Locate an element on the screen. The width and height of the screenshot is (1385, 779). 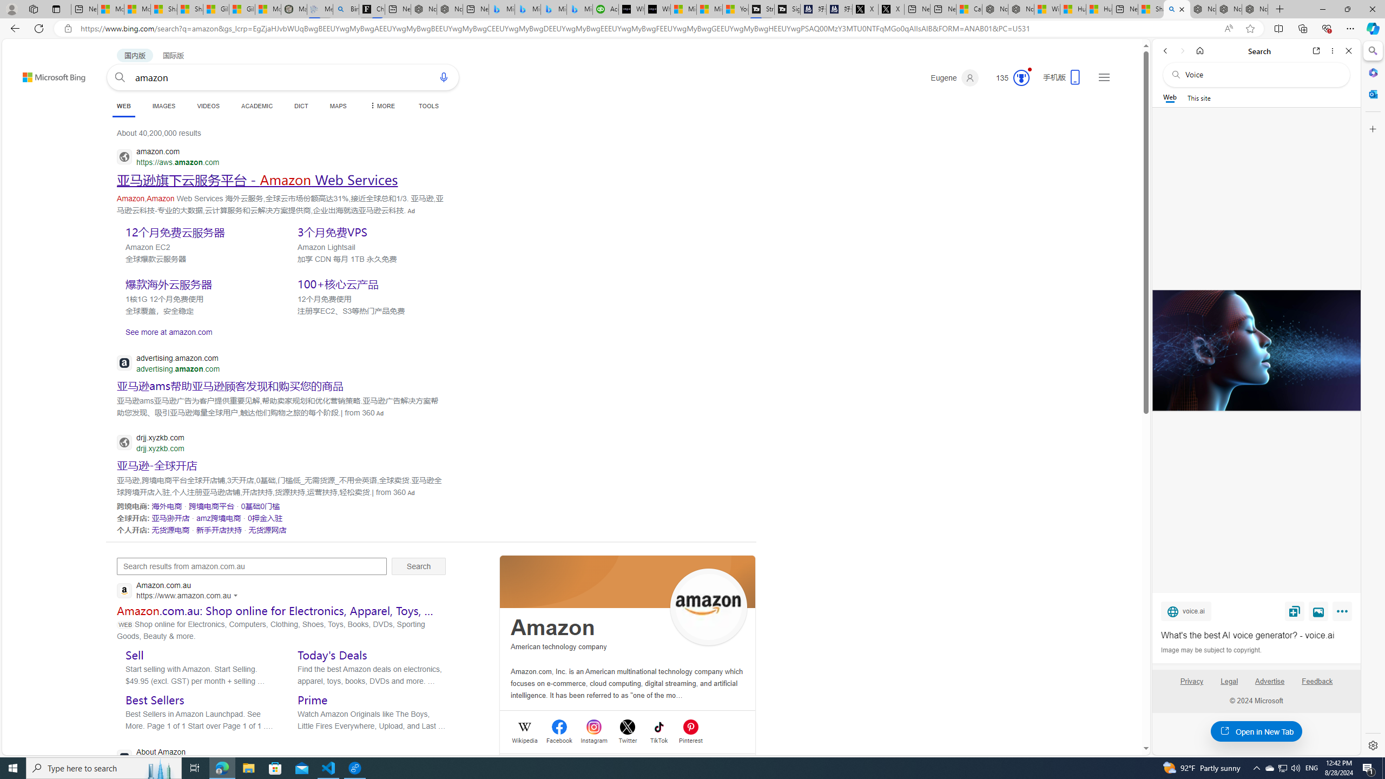
'Microsoft 365' is located at coordinates (1371, 72).